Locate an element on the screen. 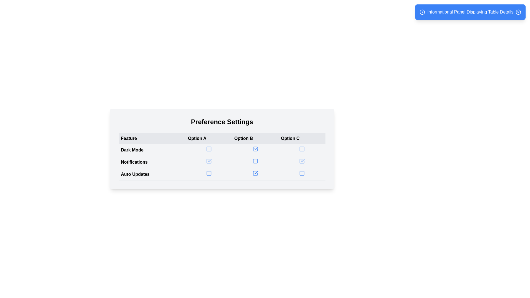  the checkbox styled with a blue outline in the 'Auto Updates' row under the 'Option C' column is located at coordinates (302, 174).